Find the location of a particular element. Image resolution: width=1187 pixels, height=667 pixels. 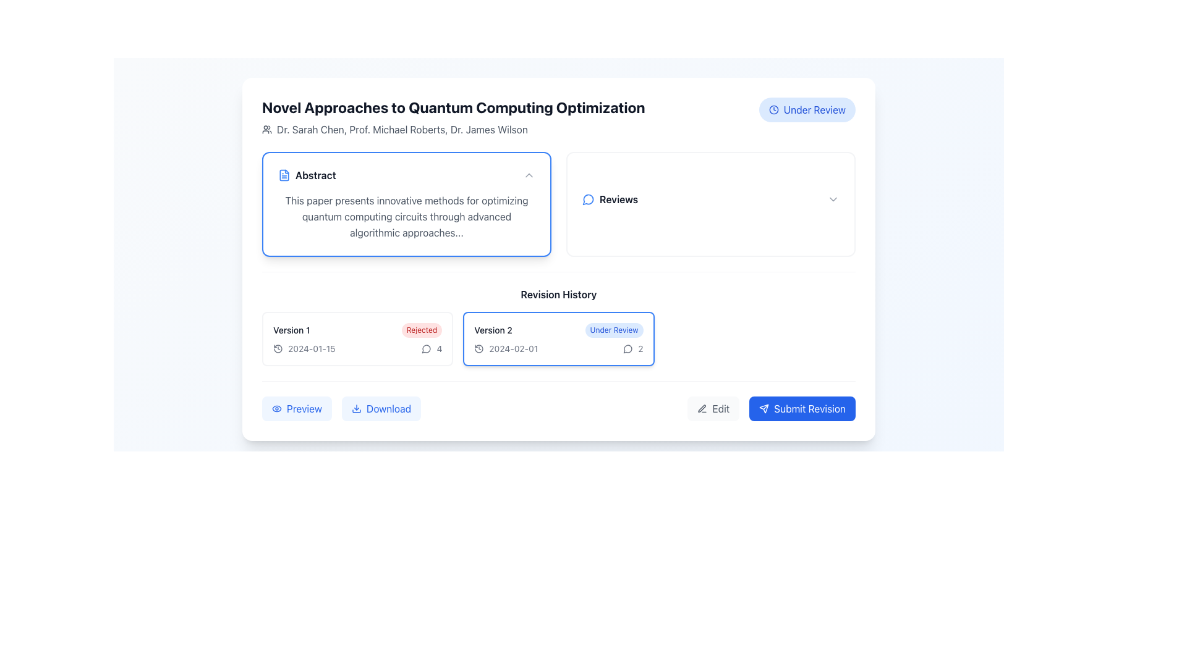

the SVG icon representing a group of people, which is part of a horizontal layout containing author names is located at coordinates (266, 129).